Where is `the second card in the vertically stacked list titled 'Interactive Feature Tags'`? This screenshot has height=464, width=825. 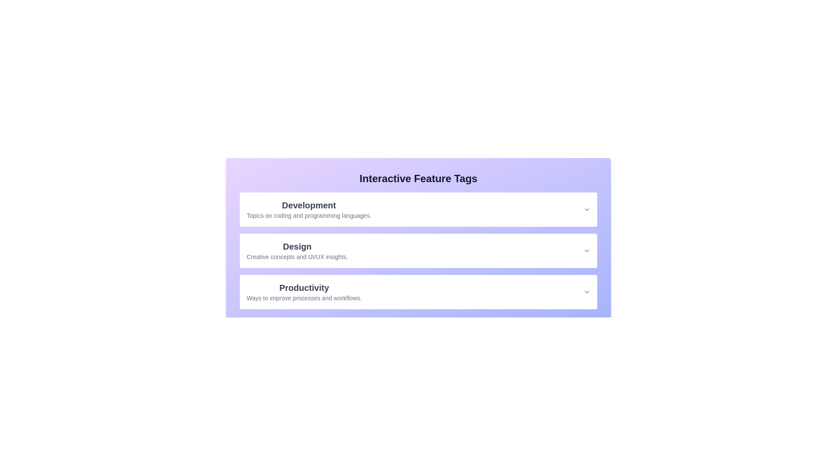
the second card in the vertically stacked list titled 'Interactive Feature Tags' is located at coordinates (419, 250).